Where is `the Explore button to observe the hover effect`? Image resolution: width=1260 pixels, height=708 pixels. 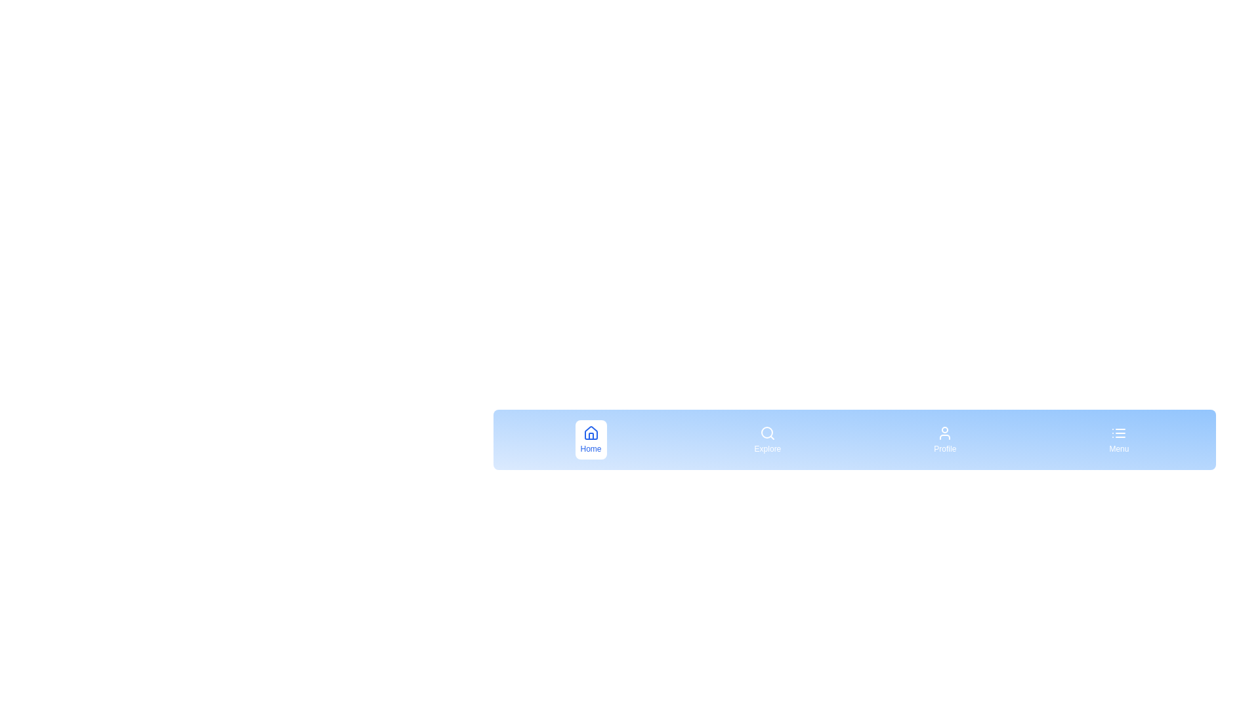 the Explore button to observe the hover effect is located at coordinates (767, 440).